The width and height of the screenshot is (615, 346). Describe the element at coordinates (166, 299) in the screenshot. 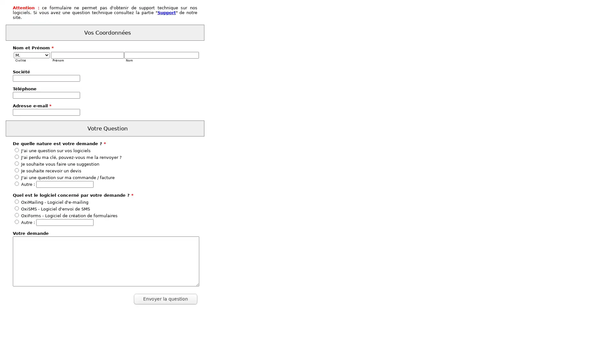

I see `Envoyer la question` at that location.